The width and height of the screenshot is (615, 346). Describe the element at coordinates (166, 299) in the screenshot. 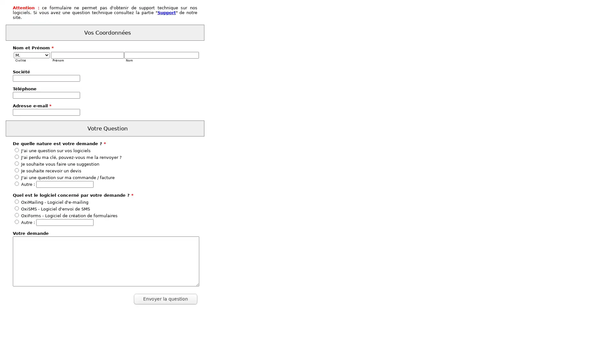

I see `Envoyer la question` at that location.